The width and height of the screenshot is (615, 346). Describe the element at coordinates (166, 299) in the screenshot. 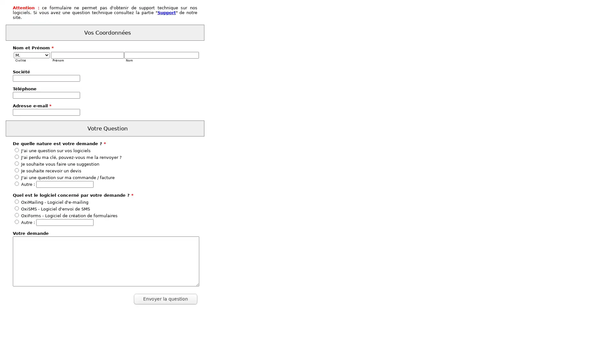

I see `Envoyer la question` at that location.